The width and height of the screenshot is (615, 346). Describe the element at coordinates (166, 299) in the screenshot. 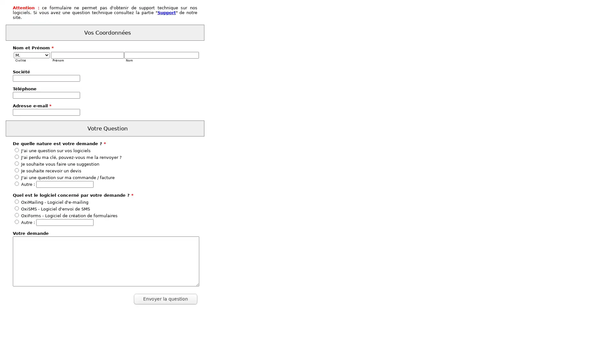

I see `Envoyer la question` at that location.